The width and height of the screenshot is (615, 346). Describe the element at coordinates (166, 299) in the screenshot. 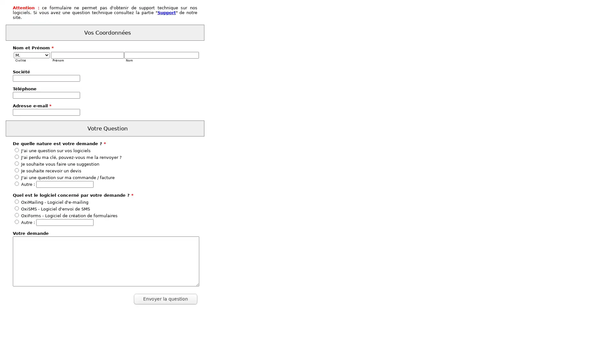

I see `Envoyer la question` at that location.